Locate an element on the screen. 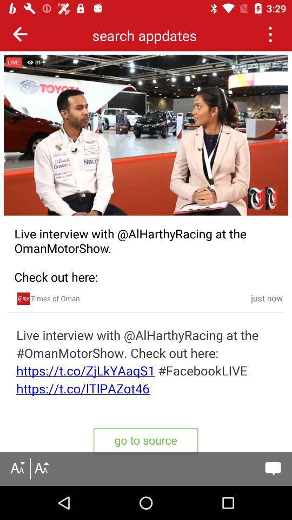 This screenshot has height=520, width=292. the font icon is located at coordinates (17, 468).